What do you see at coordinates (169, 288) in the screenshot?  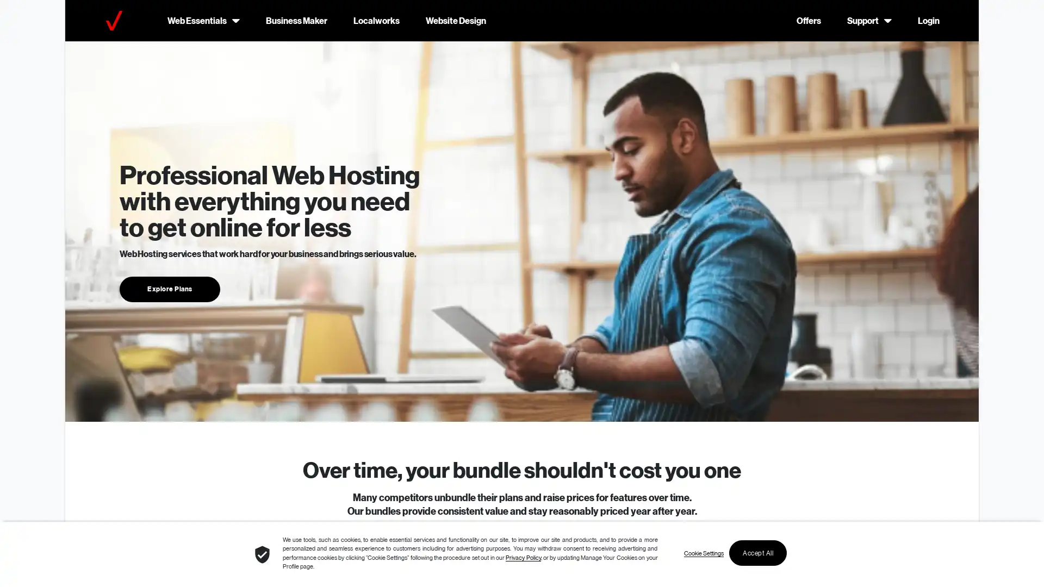 I see `Explore Plans` at bounding box center [169, 288].